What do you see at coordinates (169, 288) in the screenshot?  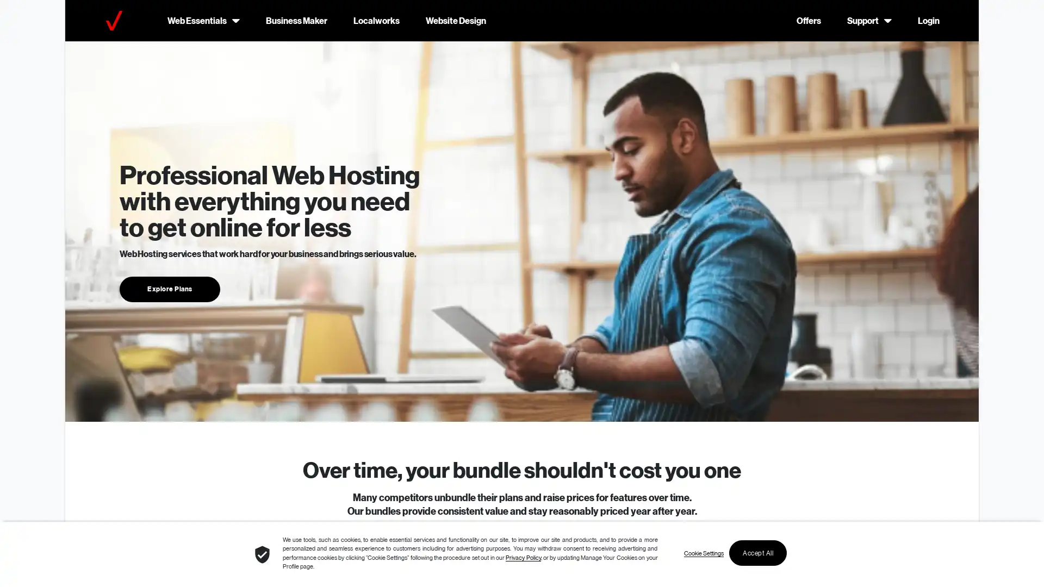 I see `Explore Plans` at bounding box center [169, 288].